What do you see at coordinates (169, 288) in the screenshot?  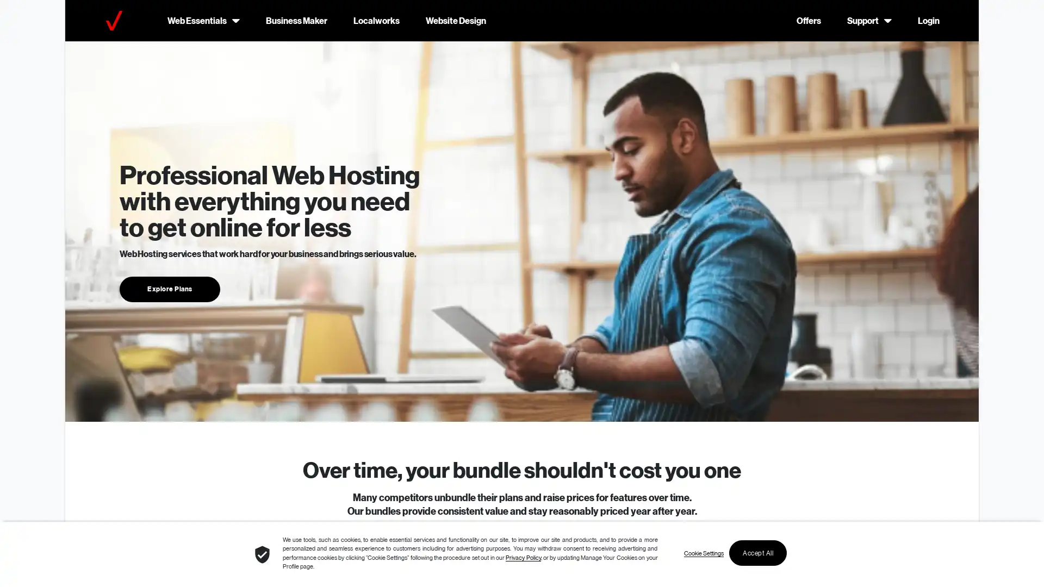 I see `Explore Plans` at bounding box center [169, 288].